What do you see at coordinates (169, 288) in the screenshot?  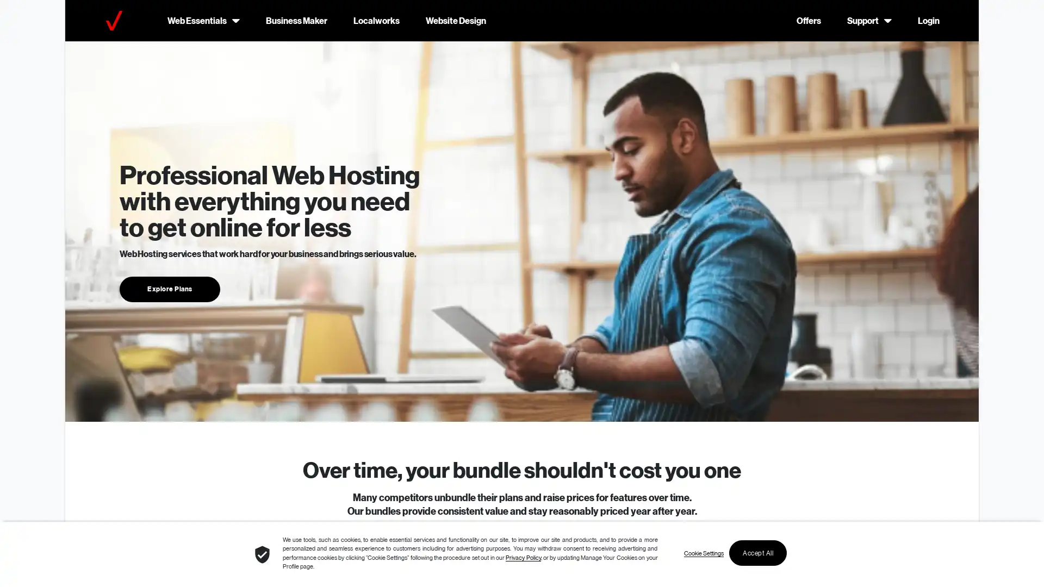 I see `Explore Plans` at bounding box center [169, 288].